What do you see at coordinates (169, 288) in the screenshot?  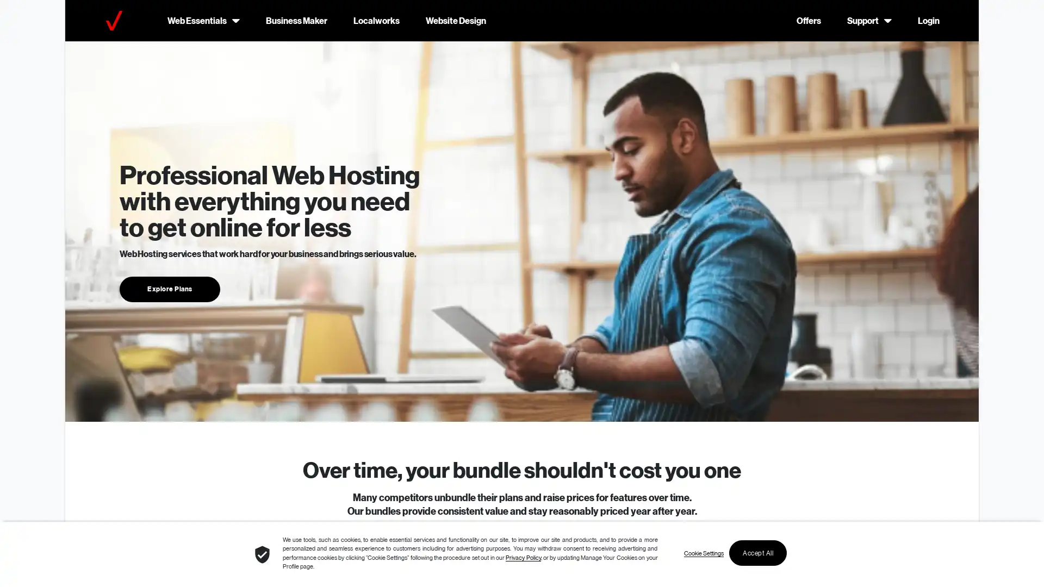 I see `Explore Plans` at bounding box center [169, 288].